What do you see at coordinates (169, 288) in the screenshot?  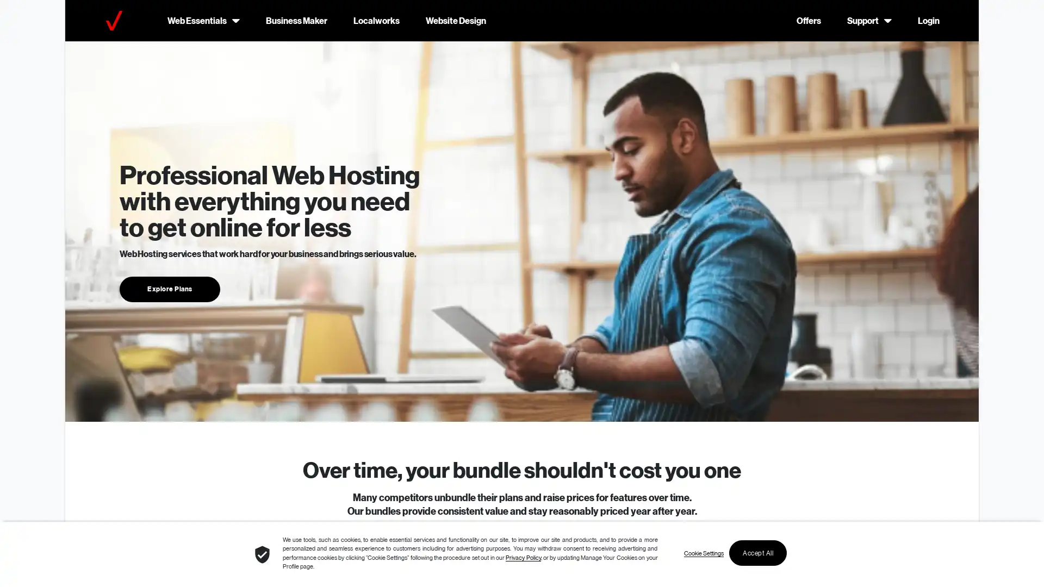 I see `Explore Plans` at bounding box center [169, 288].